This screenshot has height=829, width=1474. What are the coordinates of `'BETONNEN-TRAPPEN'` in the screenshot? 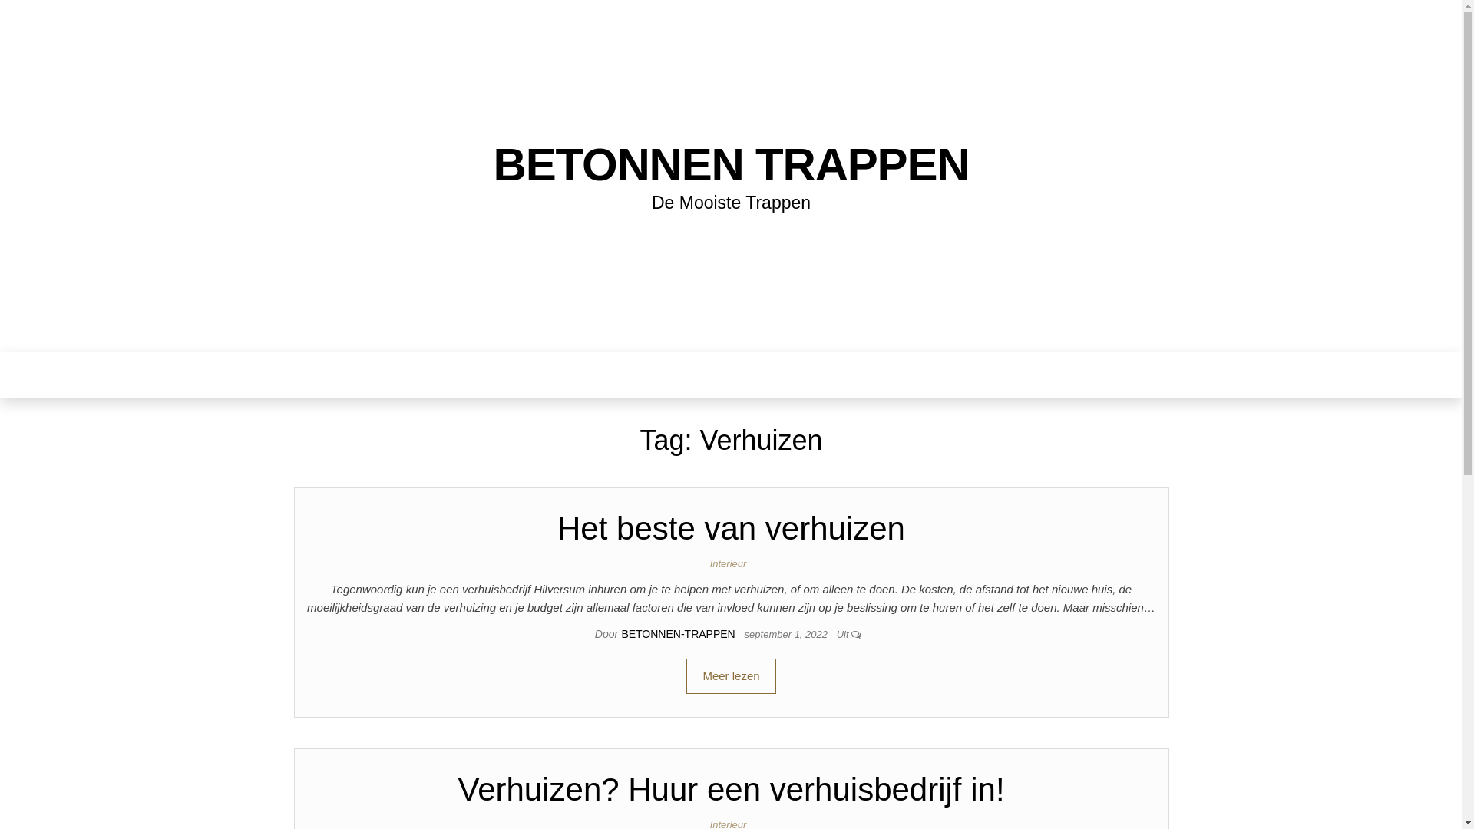 It's located at (678, 633).